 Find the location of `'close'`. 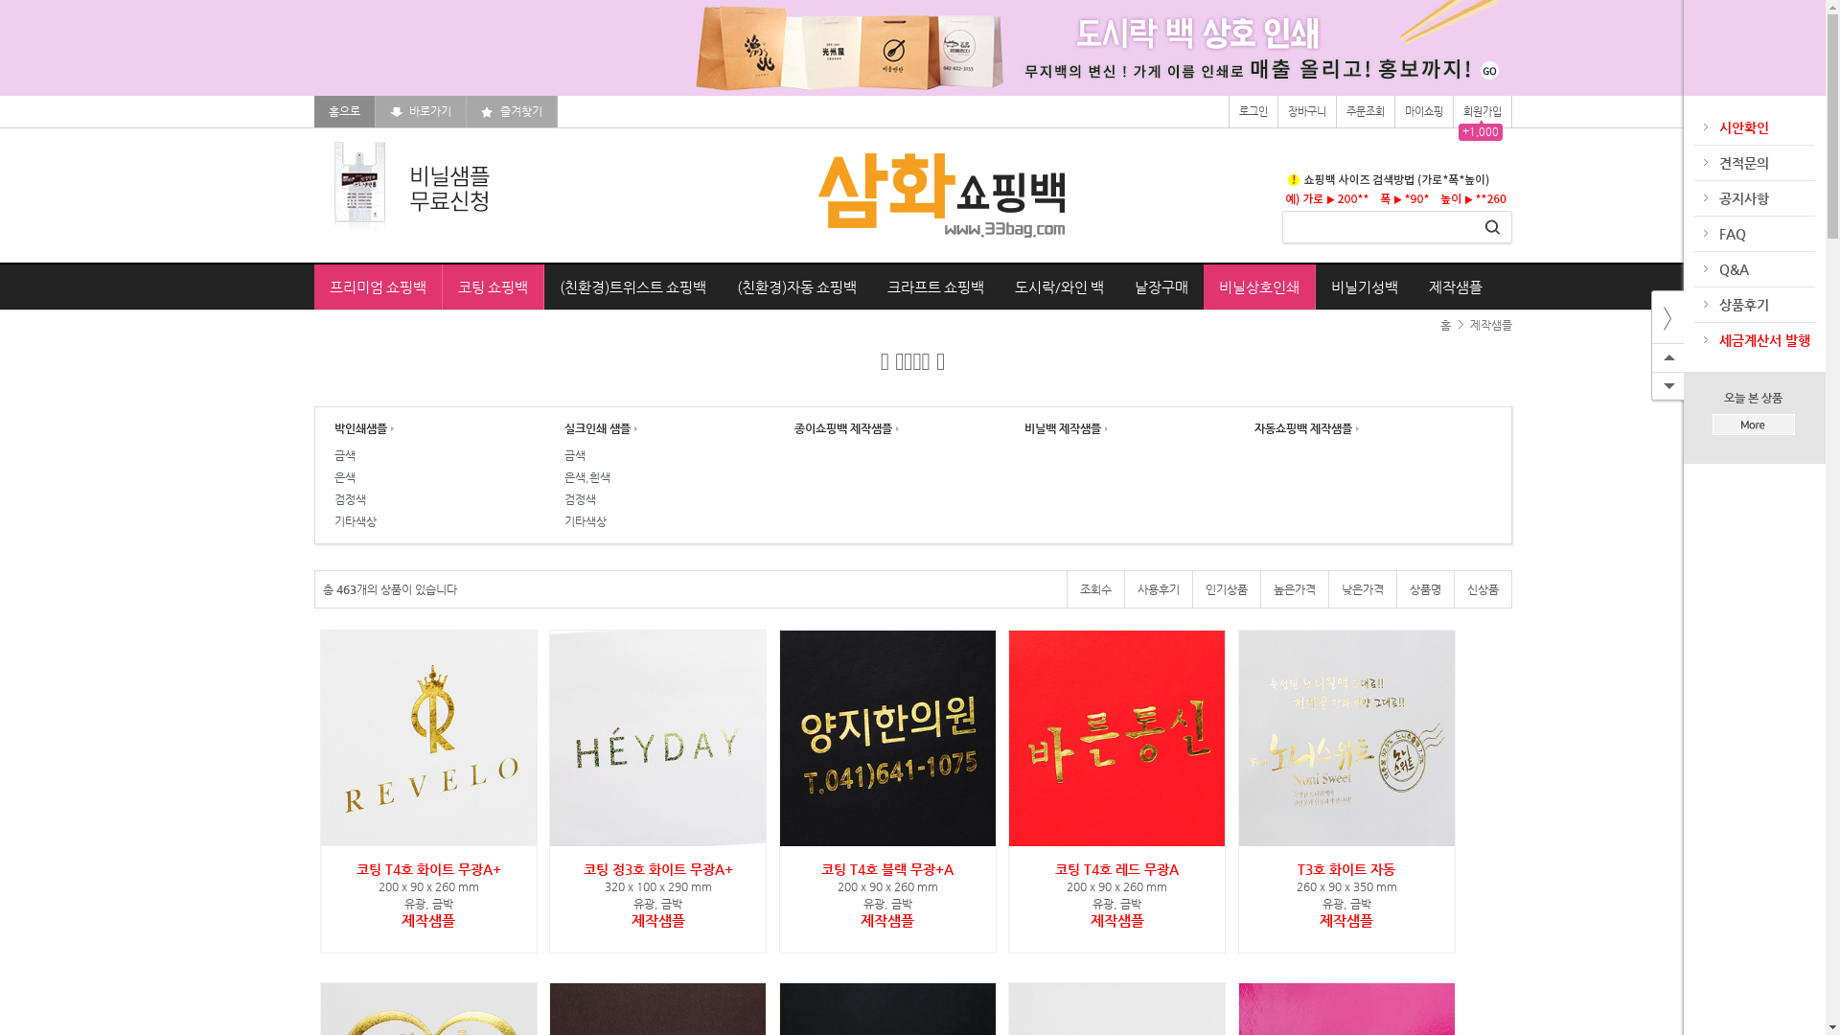

'close' is located at coordinates (1650, 316).